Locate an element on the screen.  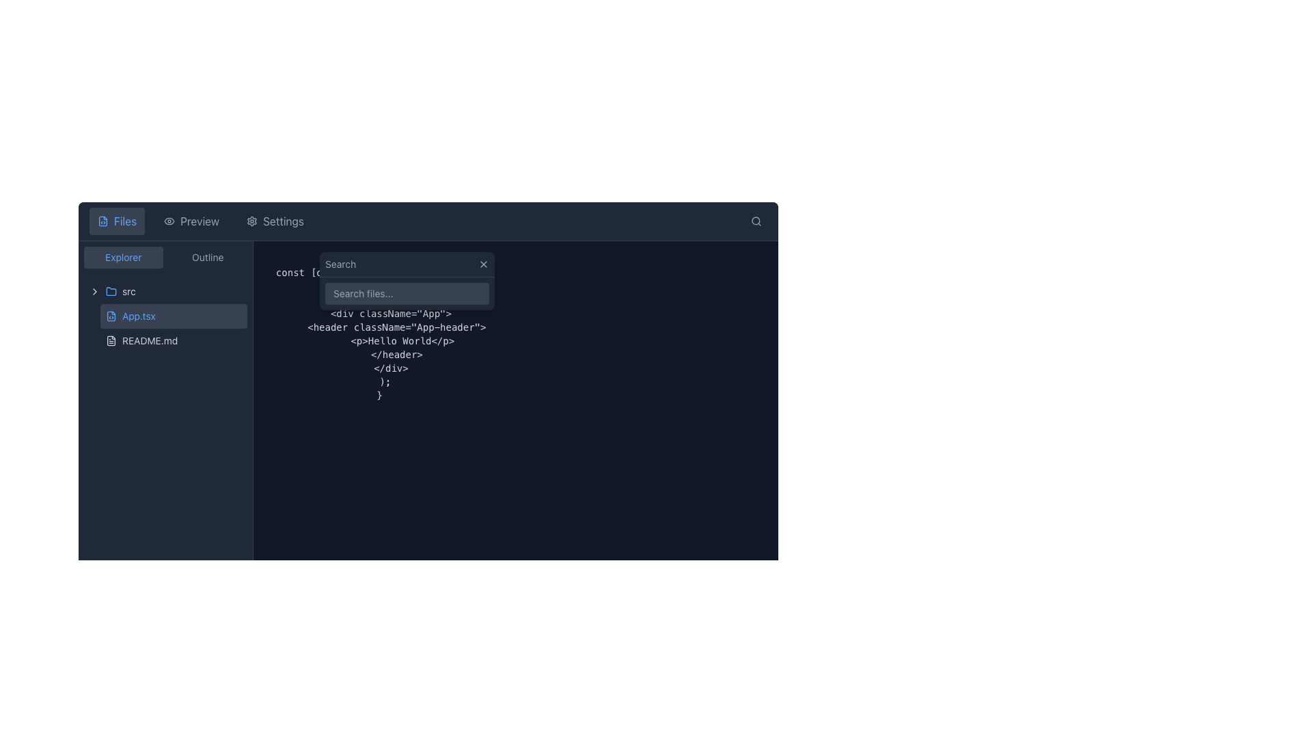
the text label for the file 'App.tsx' in the file explorer interface, located to the right of the file icon is located at coordinates (139, 316).